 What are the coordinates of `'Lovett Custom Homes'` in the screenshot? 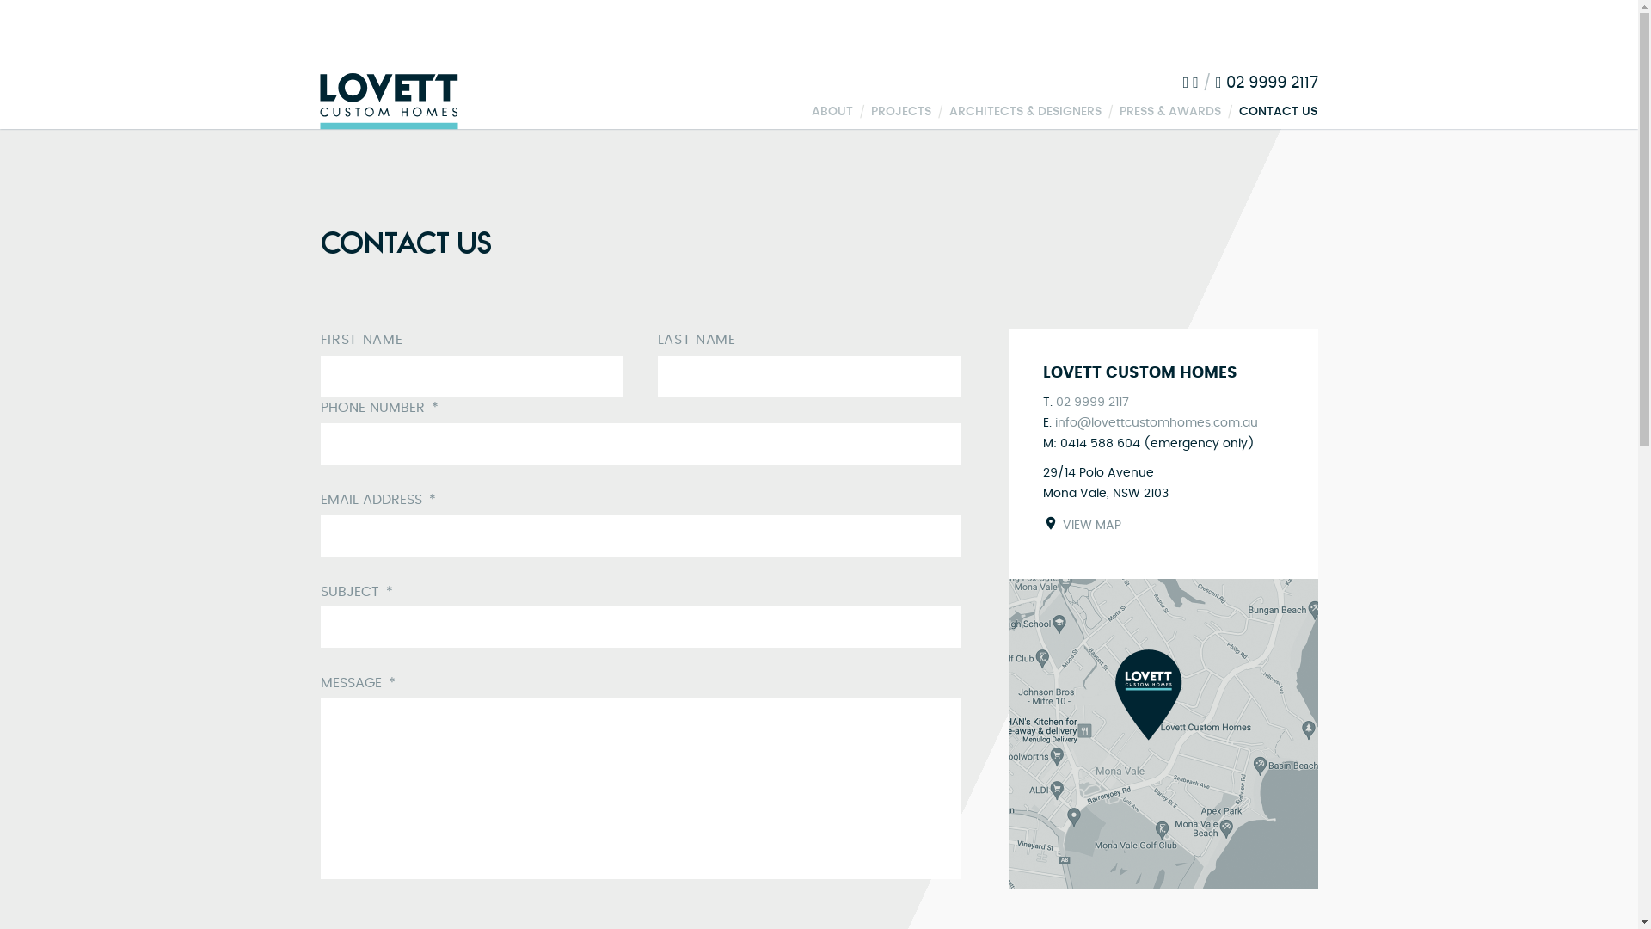 It's located at (390, 102).